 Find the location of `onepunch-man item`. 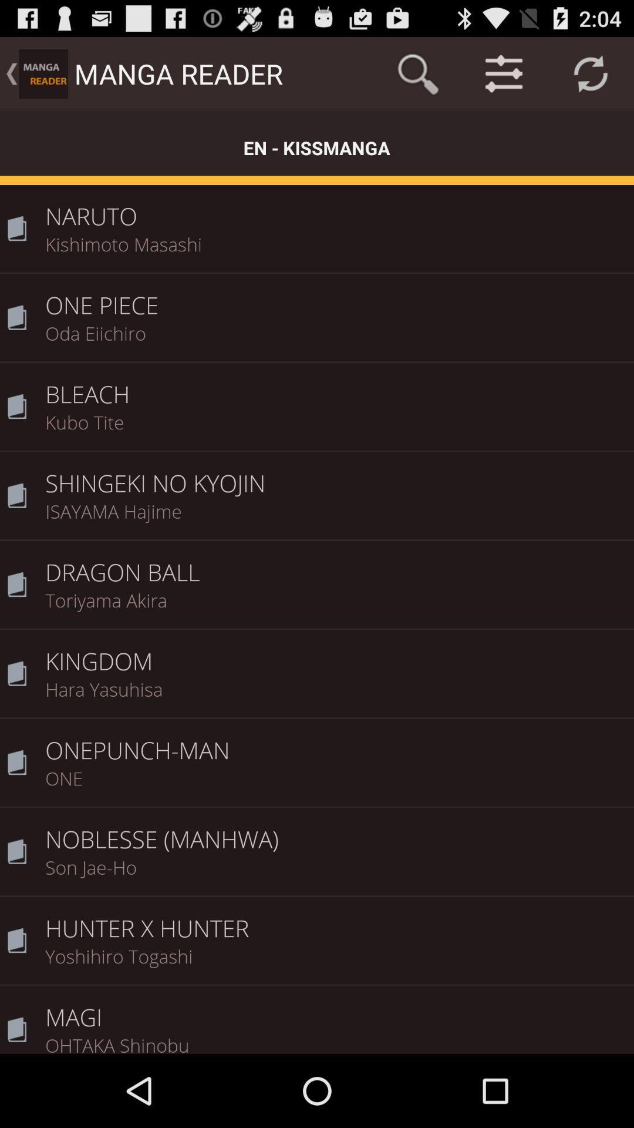

onepunch-man item is located at coordinates (335, 741).